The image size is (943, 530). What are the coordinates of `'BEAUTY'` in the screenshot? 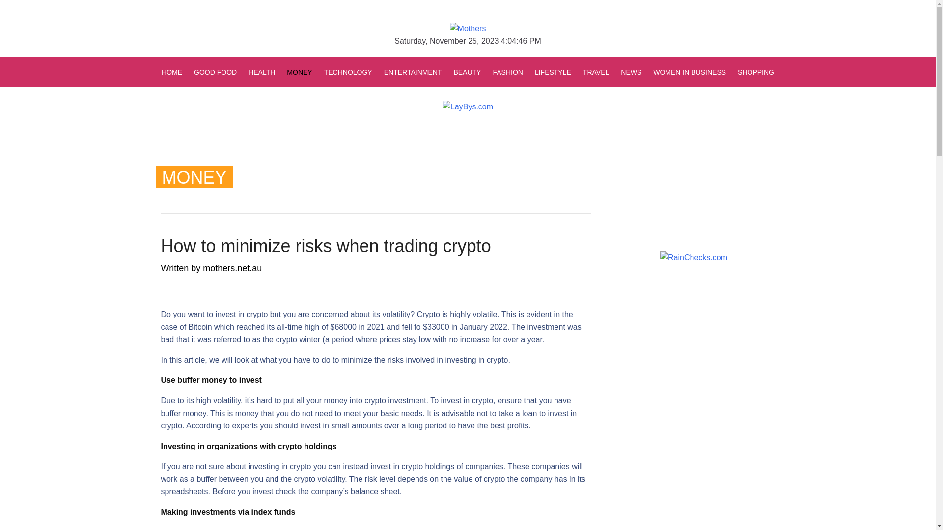 It's located at (447, 71).